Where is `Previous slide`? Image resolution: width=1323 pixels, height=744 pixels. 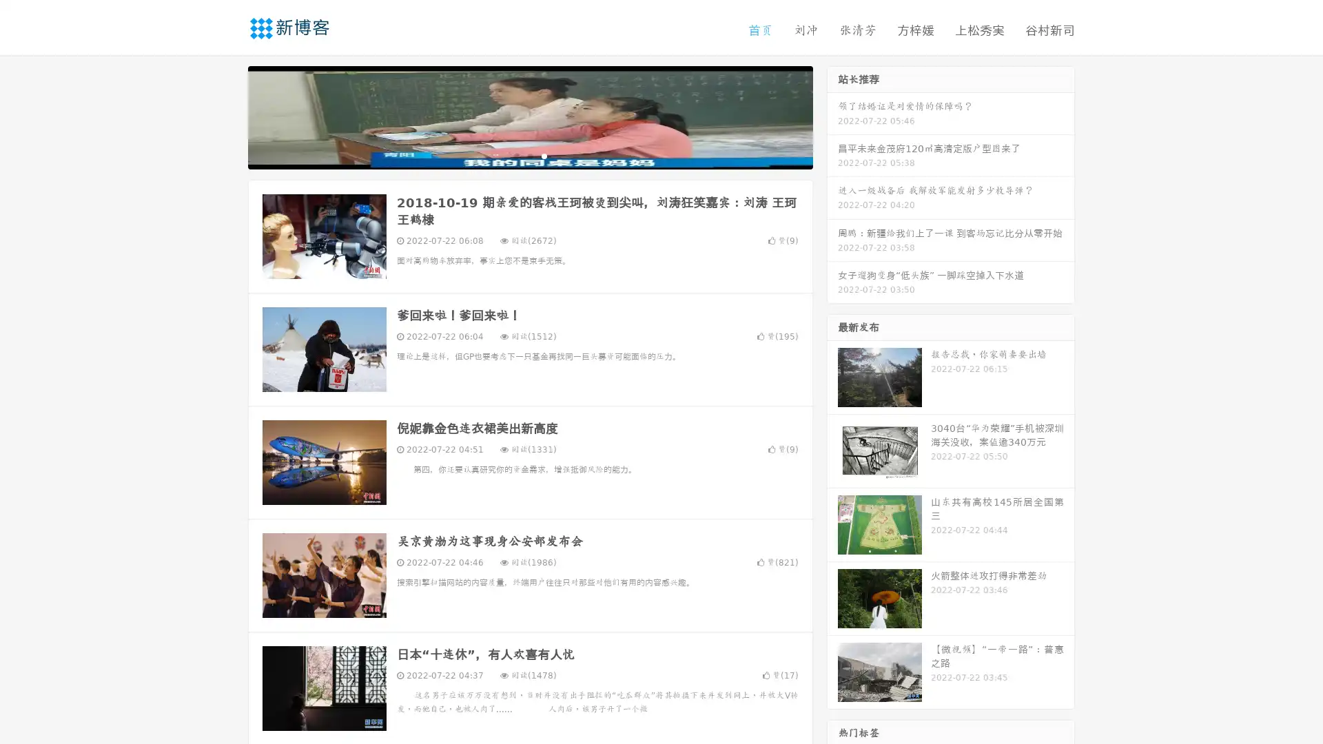
Previous slide is located at coordinates (227, 116).